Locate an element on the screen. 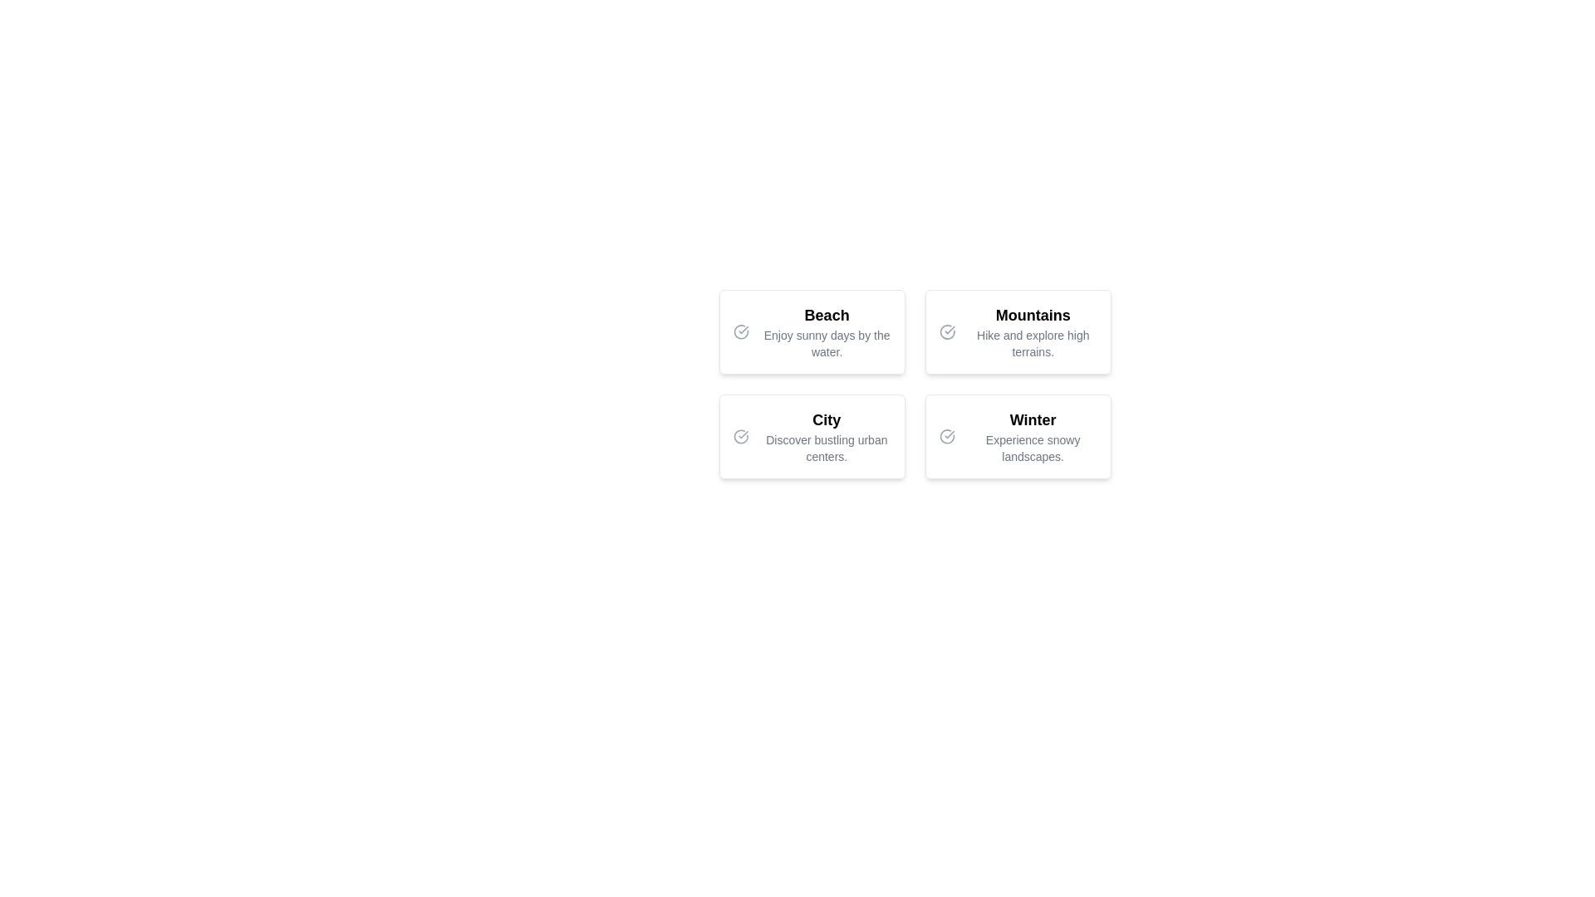 Image resolution: width=1595 pixels, height=897 pixels. the selectable marker indicator to denote the presence or selection of the 'Beach' option located within the top-left card of a 2x2 grid layout is located at coordinates (740, 332).